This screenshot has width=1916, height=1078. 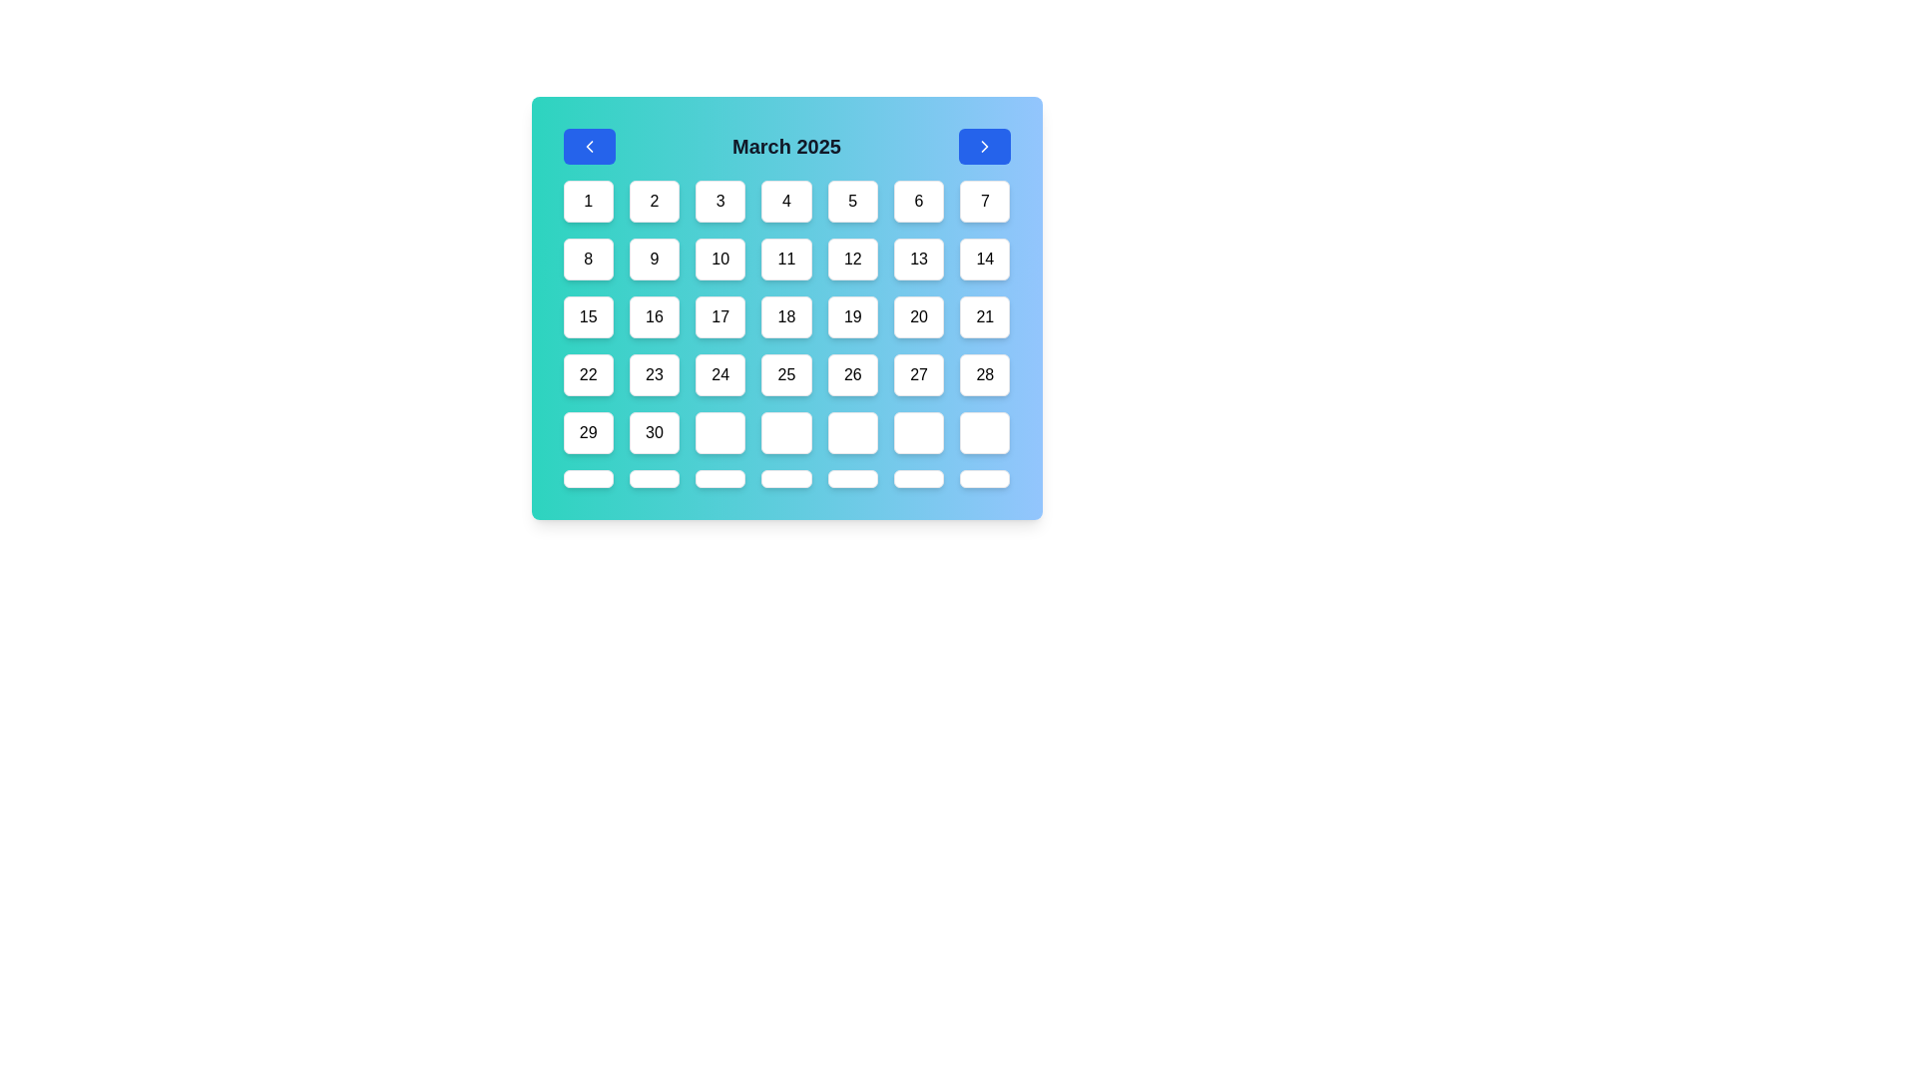 I want to click on the first day button in the calendar grid, which is located at the top-left corner and represents the date in March 2025, so click(x=587, y=201).